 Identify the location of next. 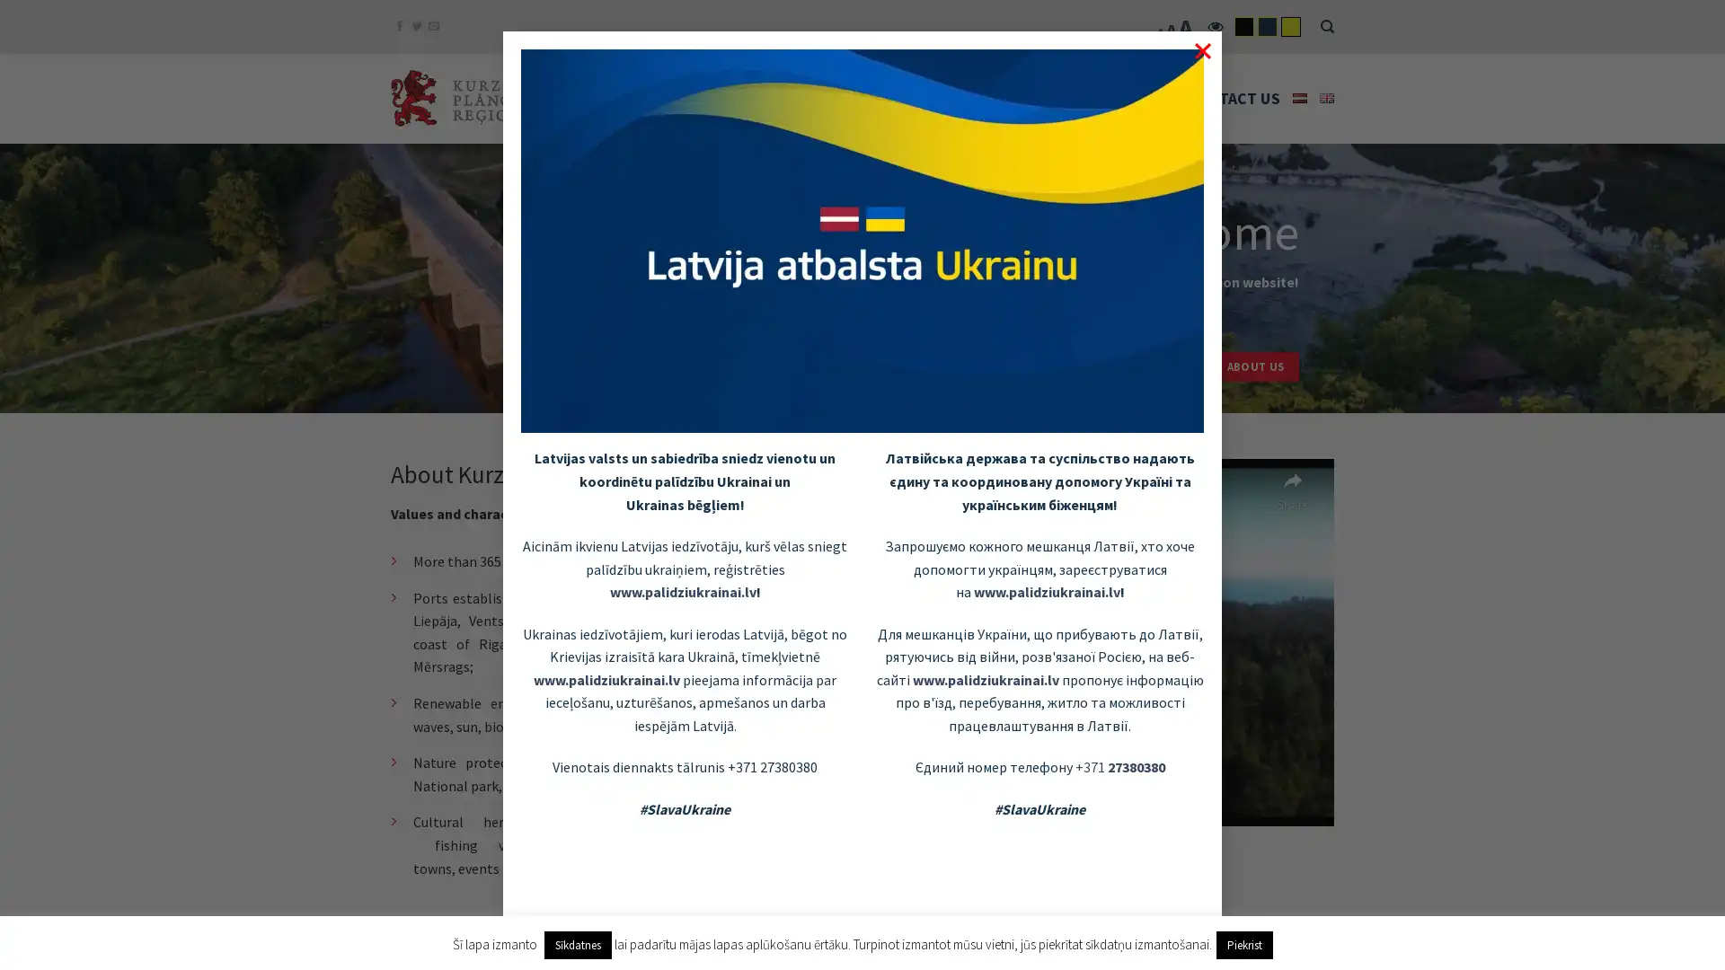
(1667, 277).